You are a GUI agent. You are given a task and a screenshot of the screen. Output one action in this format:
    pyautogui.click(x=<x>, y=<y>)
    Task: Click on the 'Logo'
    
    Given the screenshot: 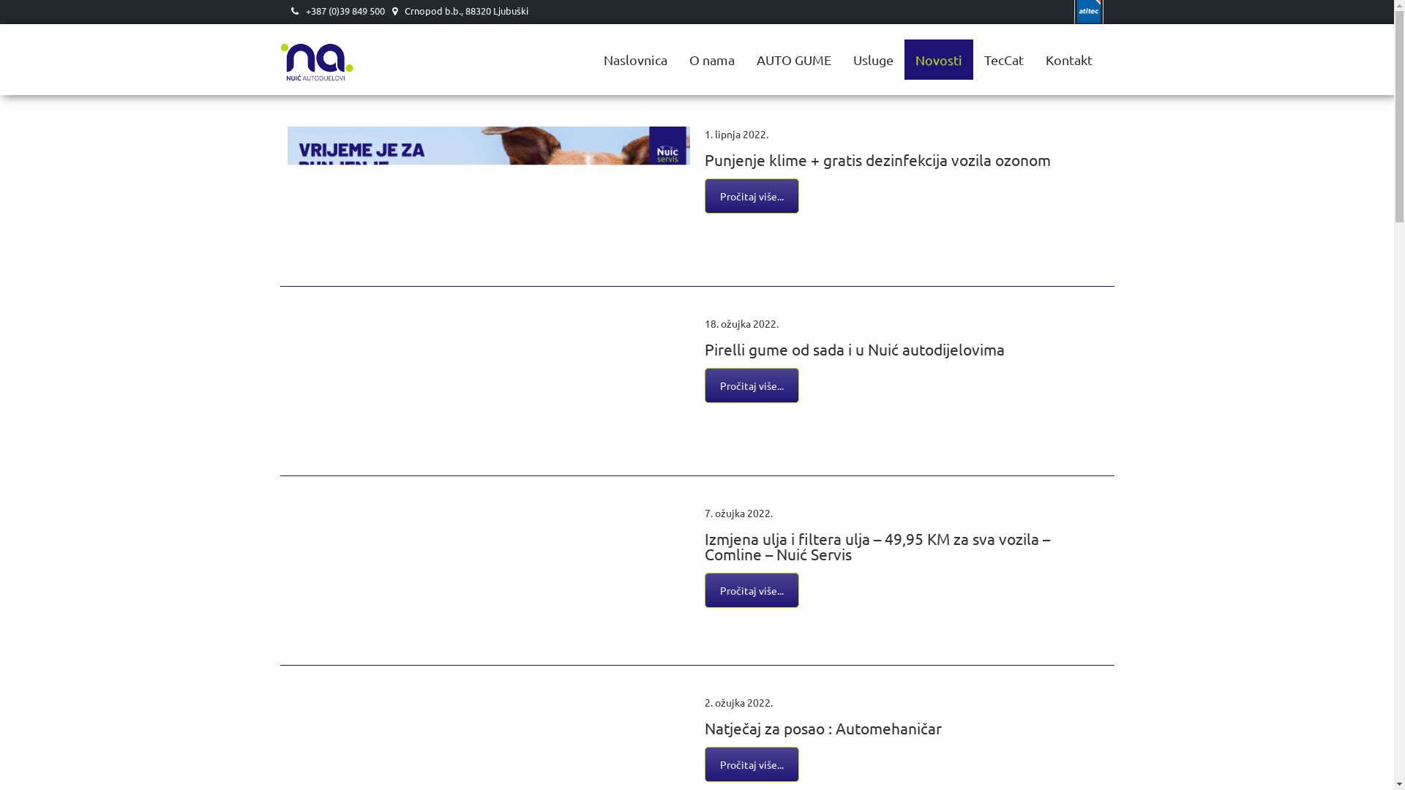 What is the action you would take?
    pyautogui.click(x=269, y=42)
    